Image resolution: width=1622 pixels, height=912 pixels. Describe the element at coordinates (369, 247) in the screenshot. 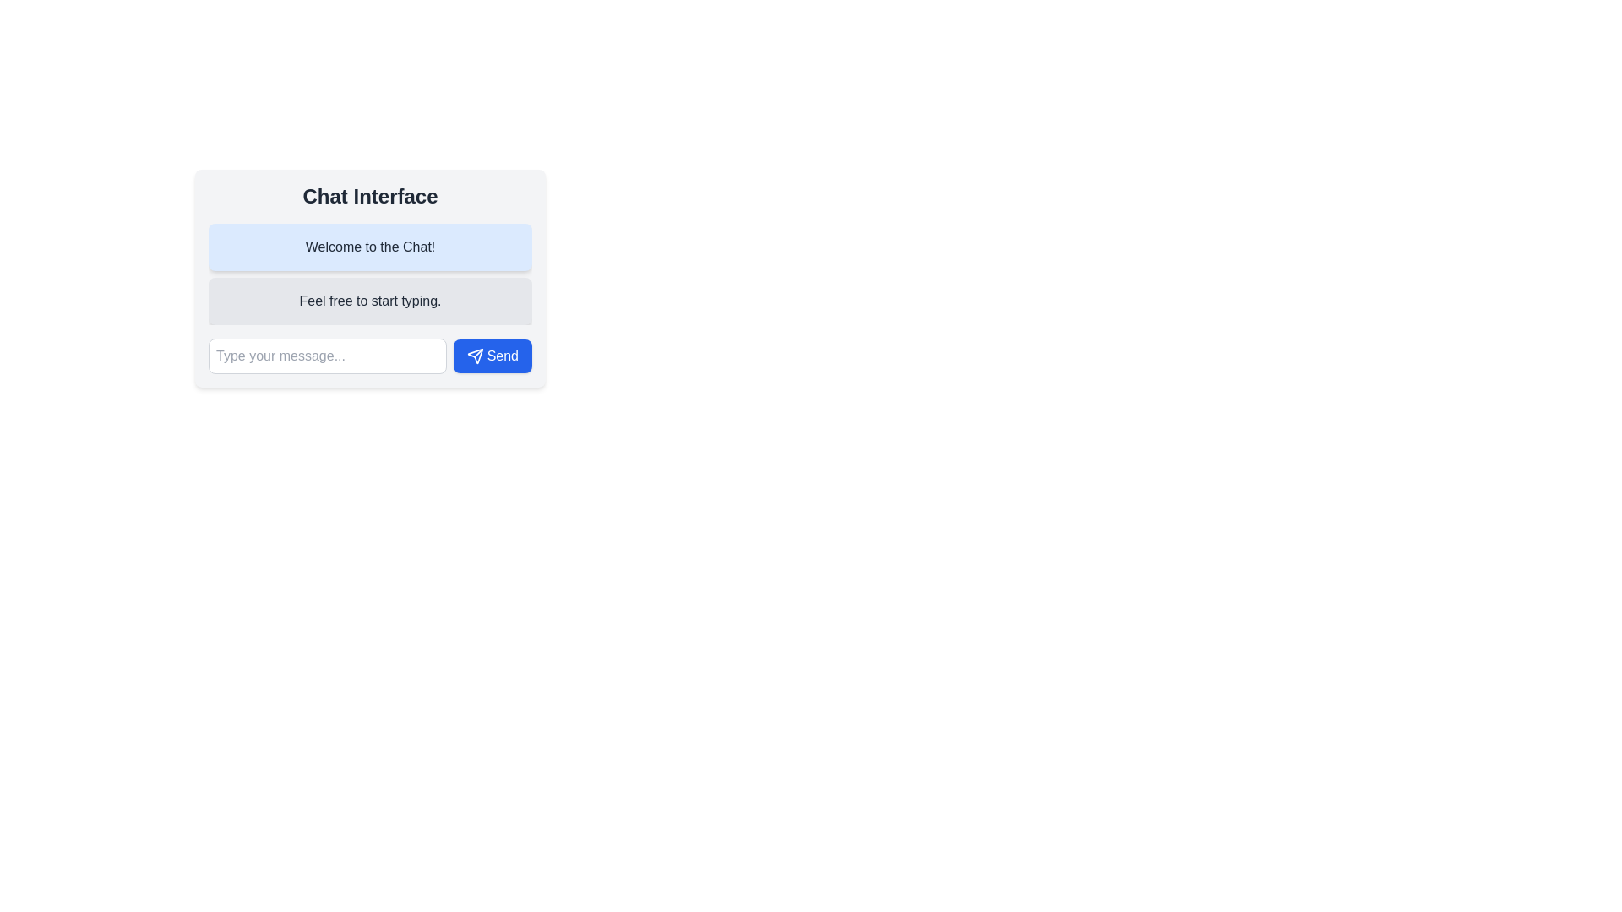

I see `welcome message displayed in the static text block at the top of the interface, which greets the user` at that location.